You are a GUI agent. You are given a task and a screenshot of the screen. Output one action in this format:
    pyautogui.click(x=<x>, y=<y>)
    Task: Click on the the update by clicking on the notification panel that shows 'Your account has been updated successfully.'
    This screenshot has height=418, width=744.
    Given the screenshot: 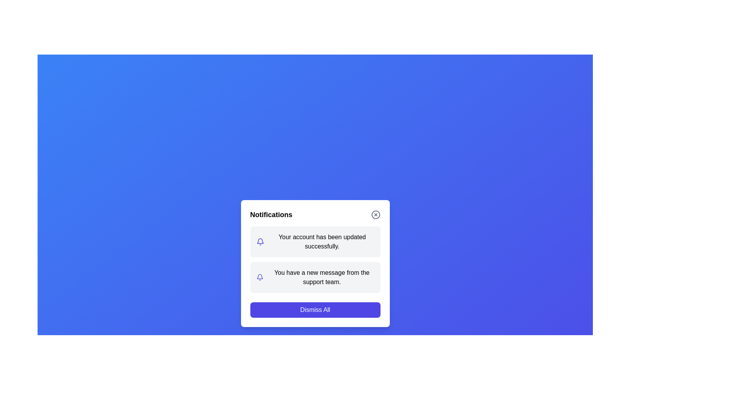 What is the action you would take?
    pyautogui.click(x=315, y=241)
    